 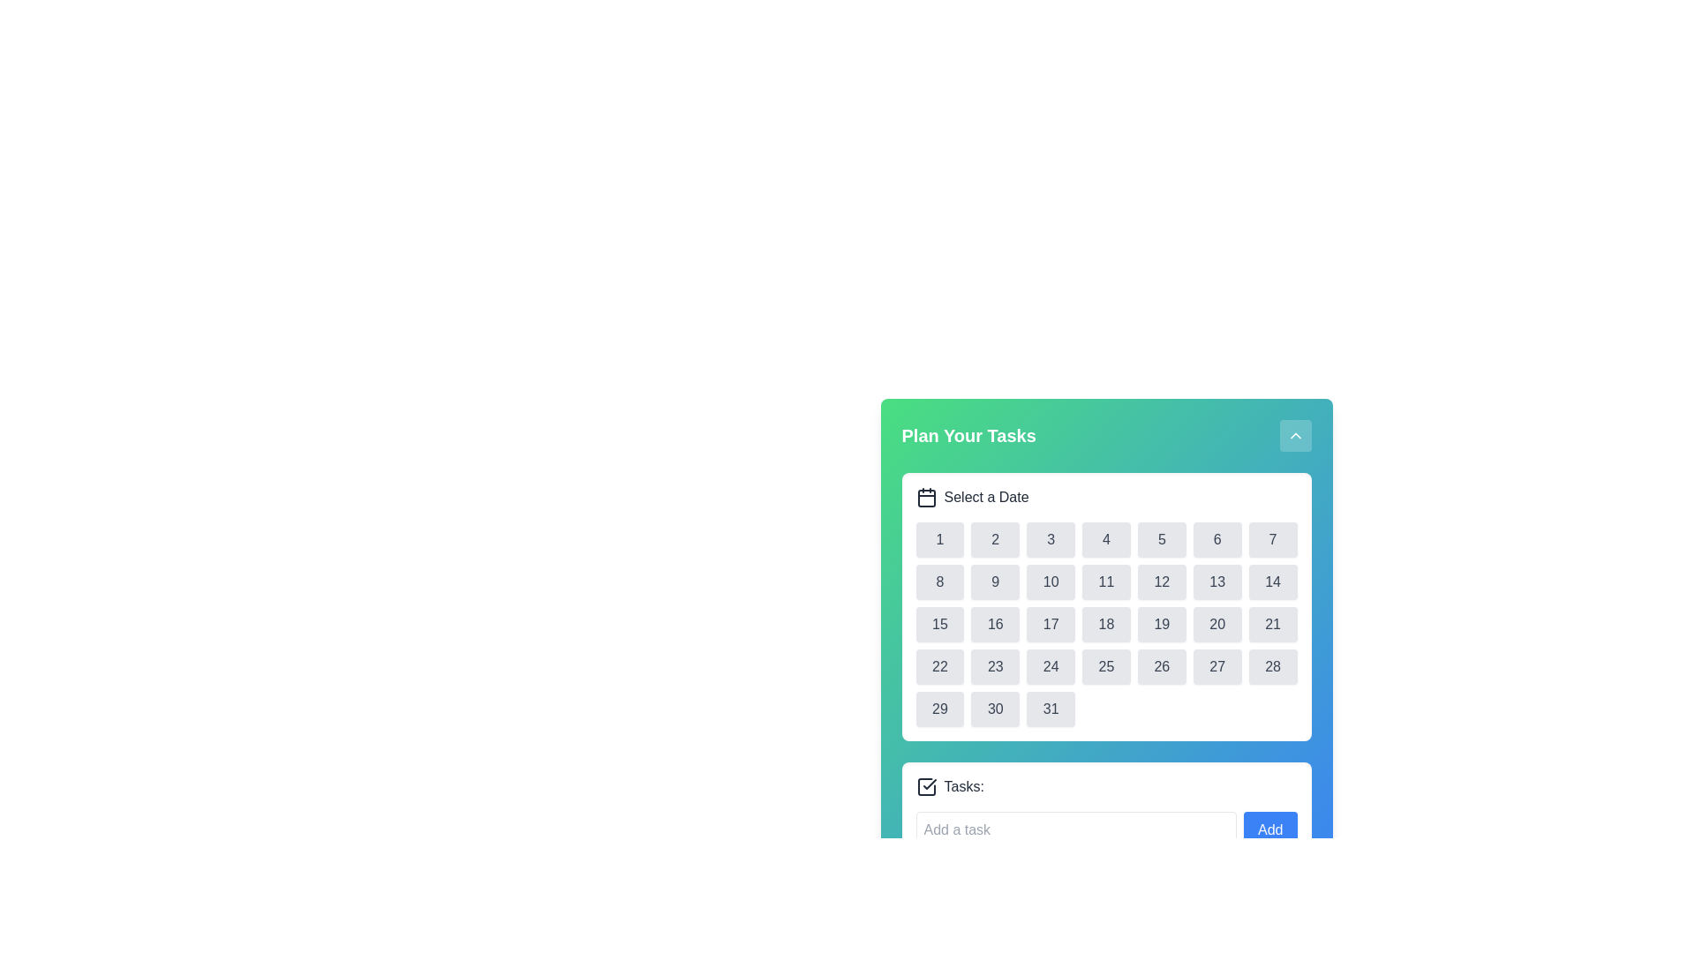 What do you see at coordinates (1162, 667) in the screenshot?
I see `the button to select the date '26' within the calendar located in the 'Plan Your Tasks' section under 'Select a Date'` at bounding box center [1162, 667].